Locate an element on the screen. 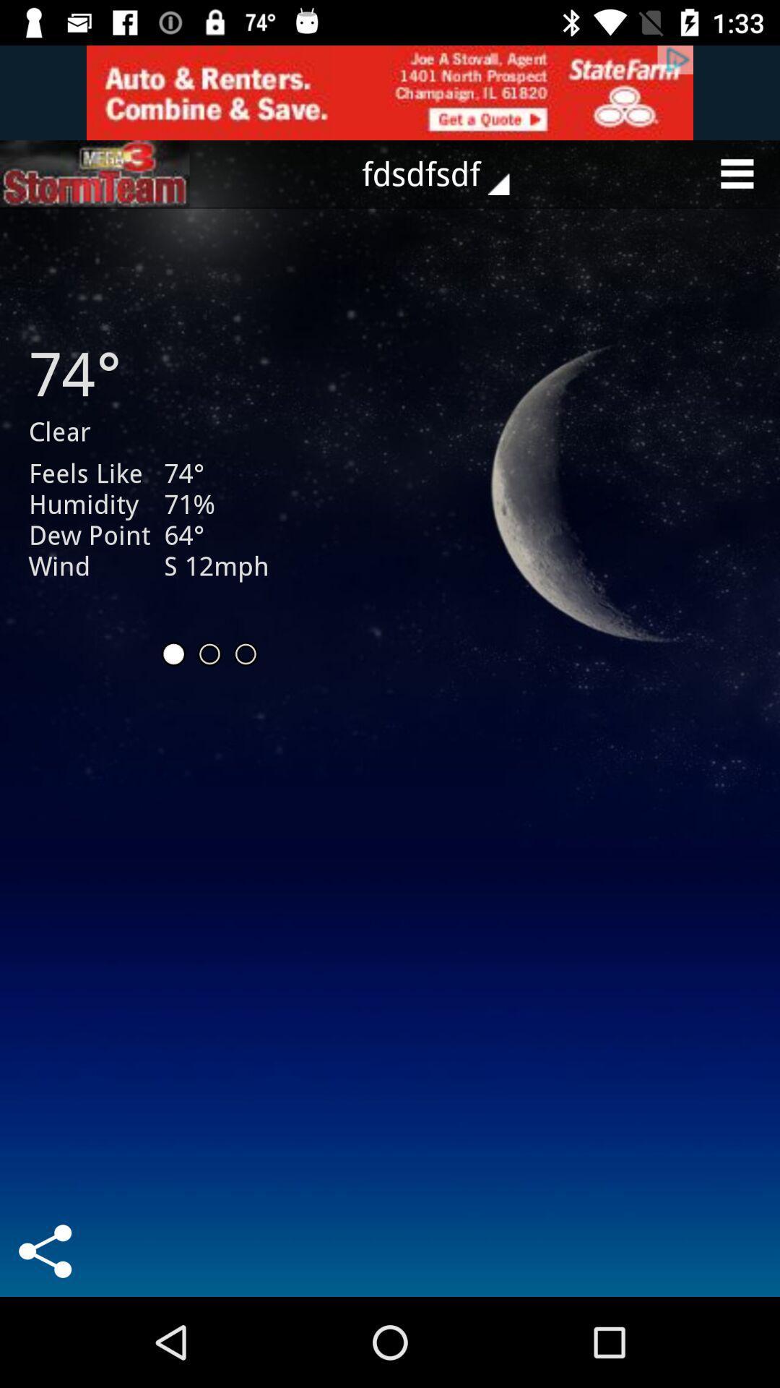  advertisement is located at coordinates (390, 92).